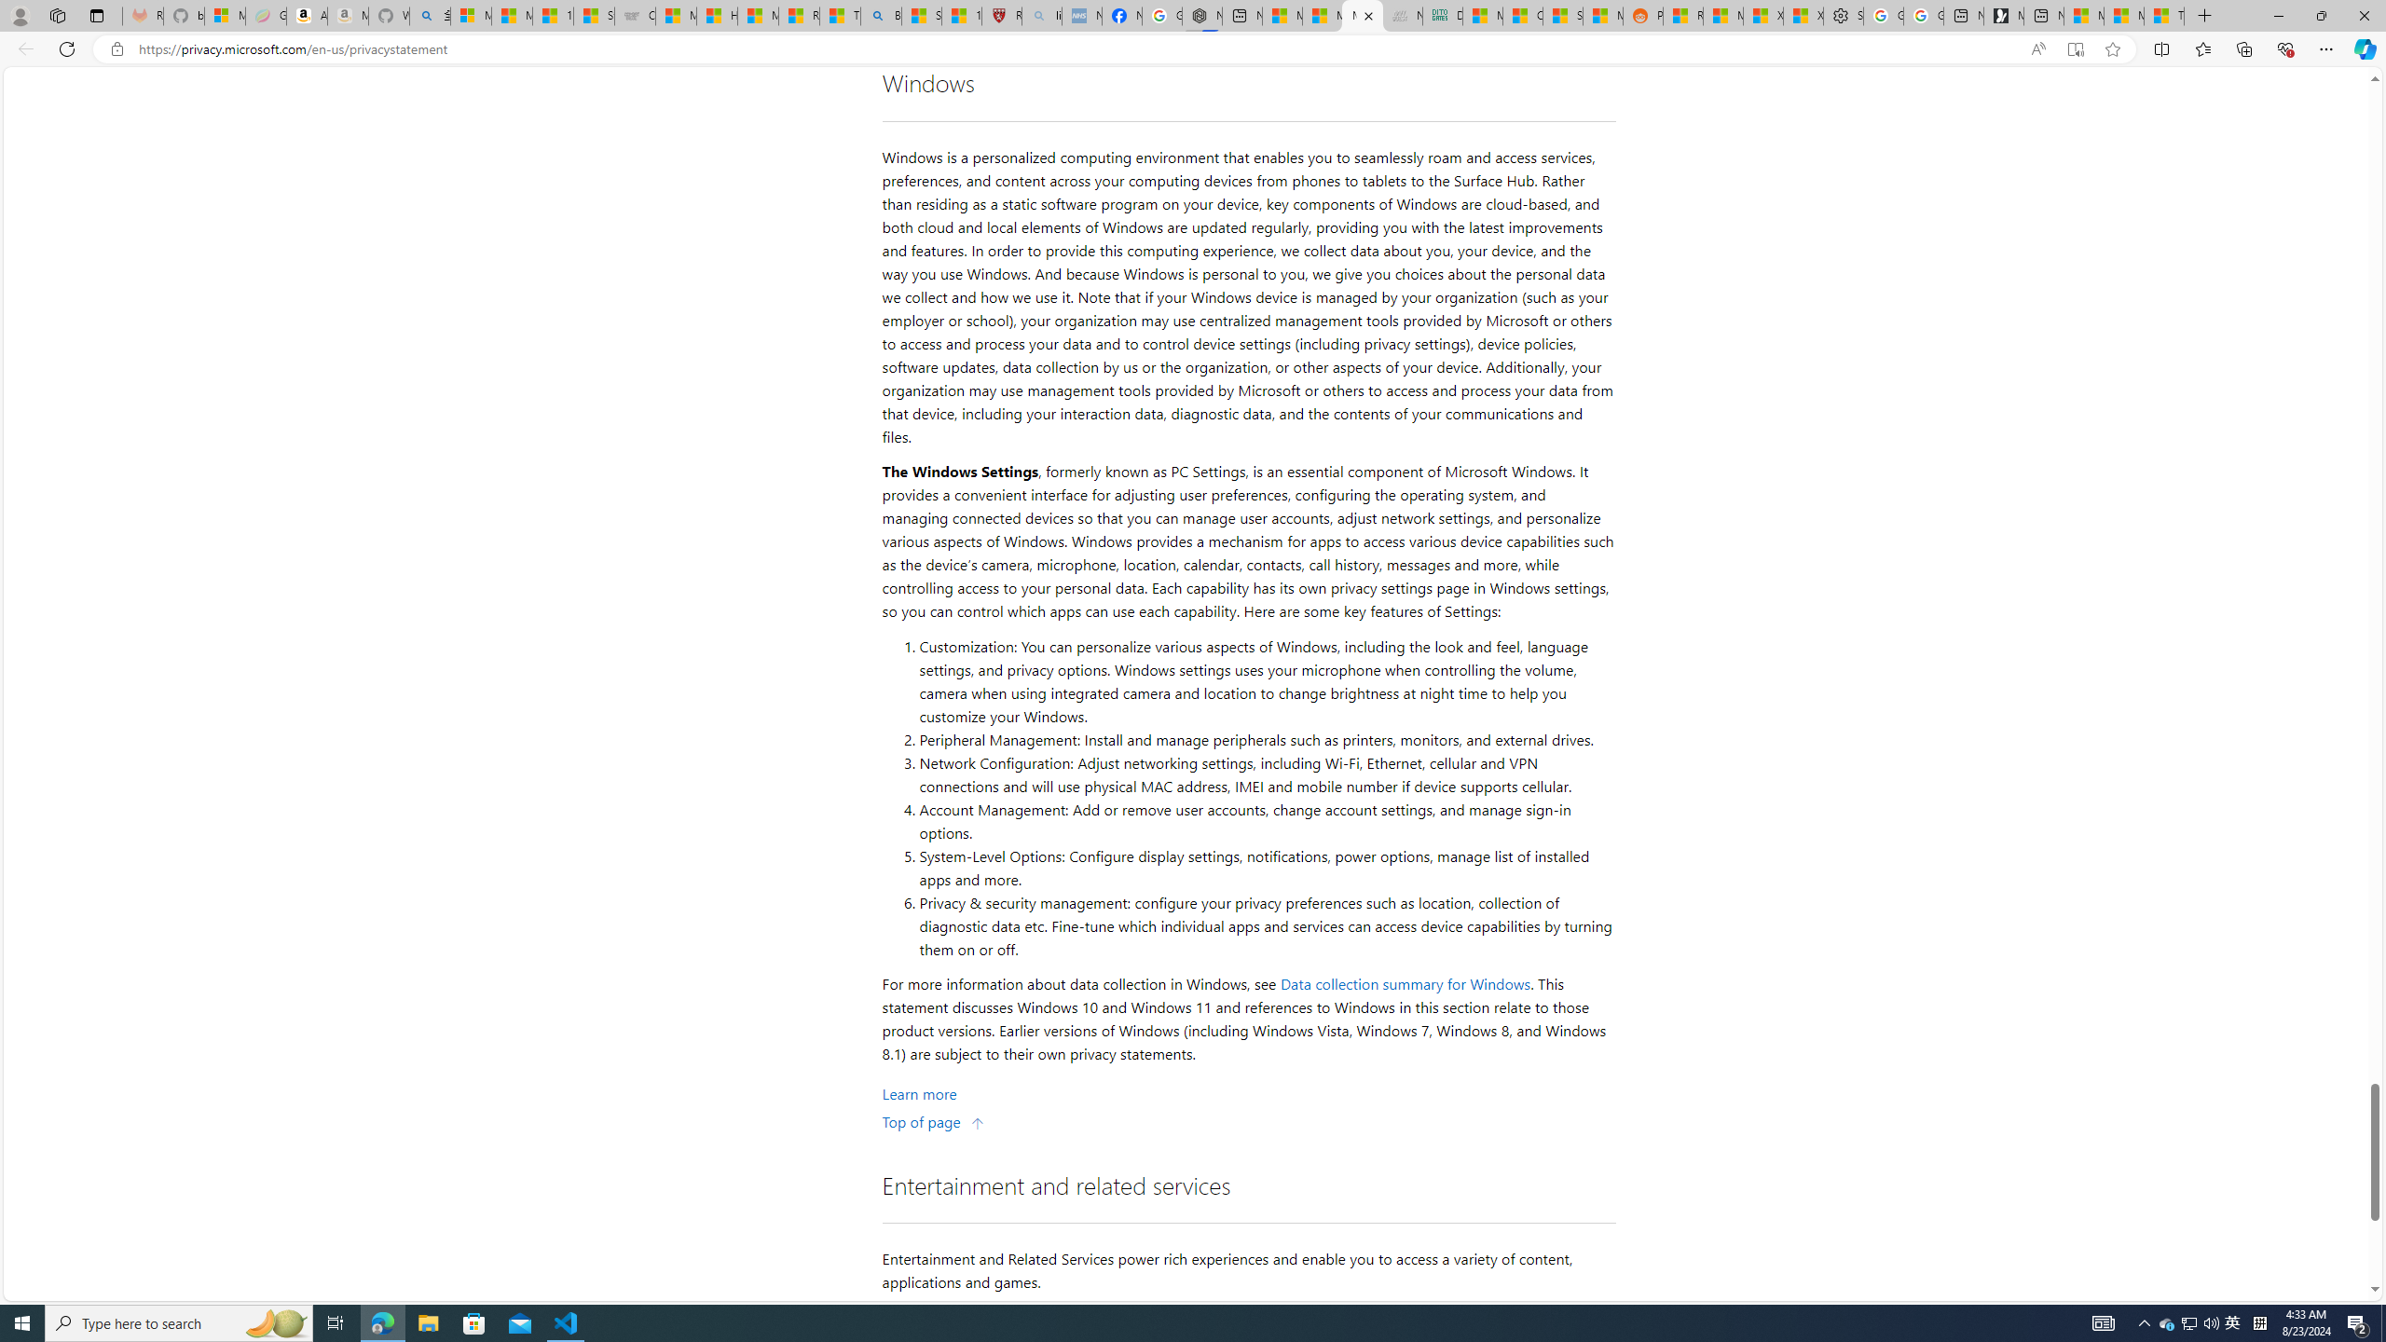 Image resolution: width=2386 pixels, height=1342 pixels. Describe the element at coordinates (1201, 15) in the screenshot. I see `'Nordace - Nordace Siena Is Not An Ordinary Backpack'` at that location.